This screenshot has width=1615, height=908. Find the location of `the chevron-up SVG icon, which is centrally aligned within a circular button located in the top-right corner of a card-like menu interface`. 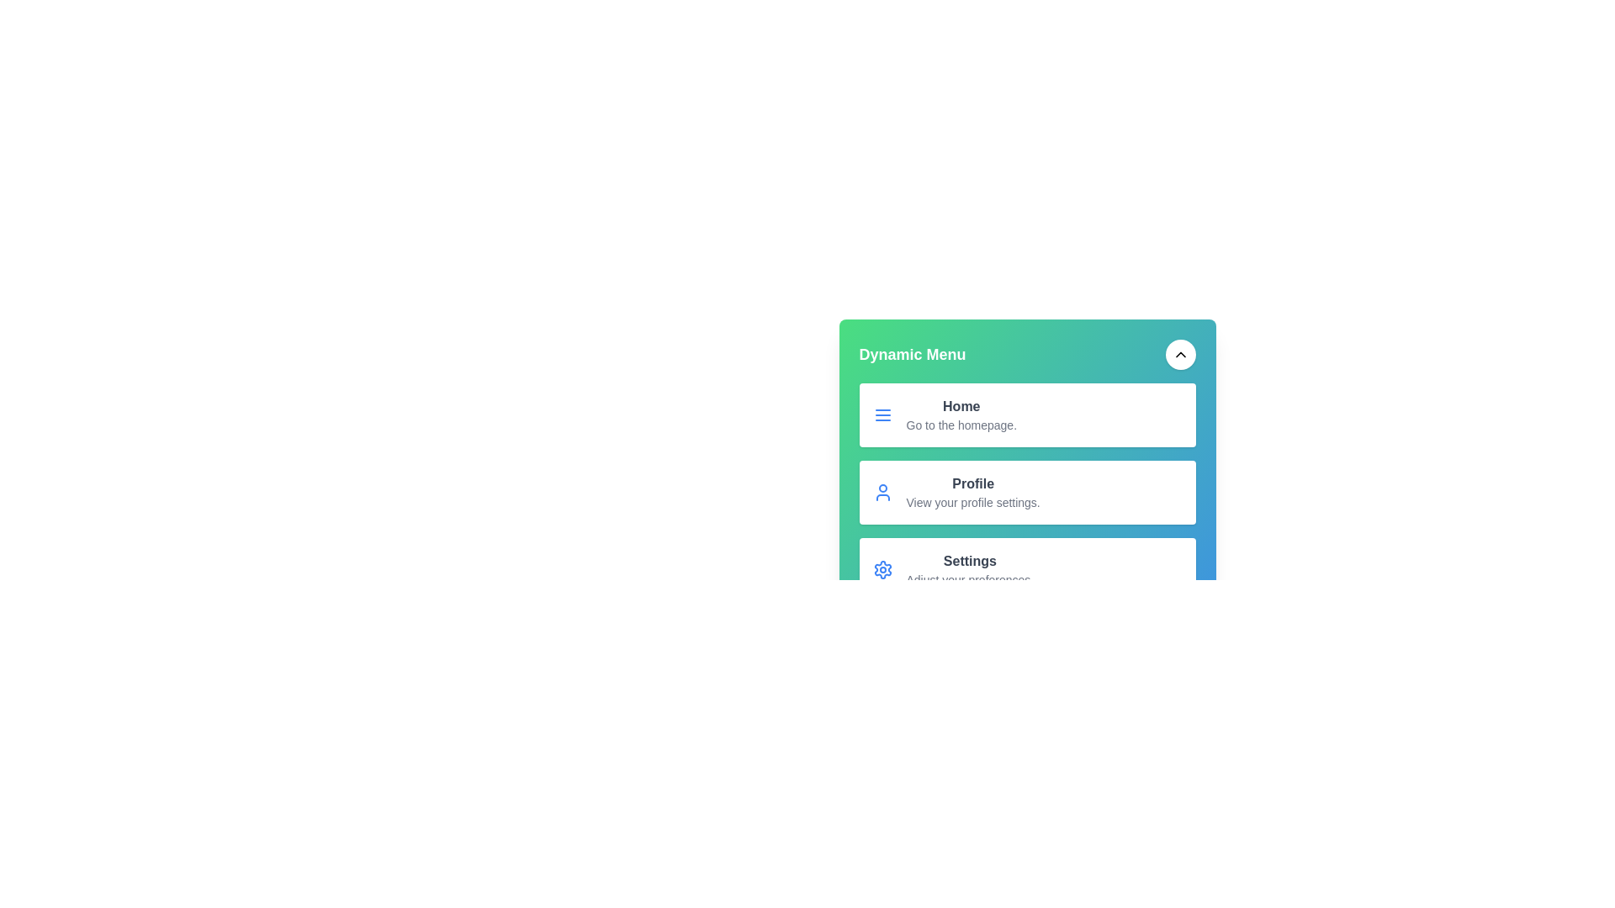

the chevron-up SVG icon, which is centrally aligned within a circular button located in the top-right corner of a card-like menu interface is located at coordinates (1179, 353).